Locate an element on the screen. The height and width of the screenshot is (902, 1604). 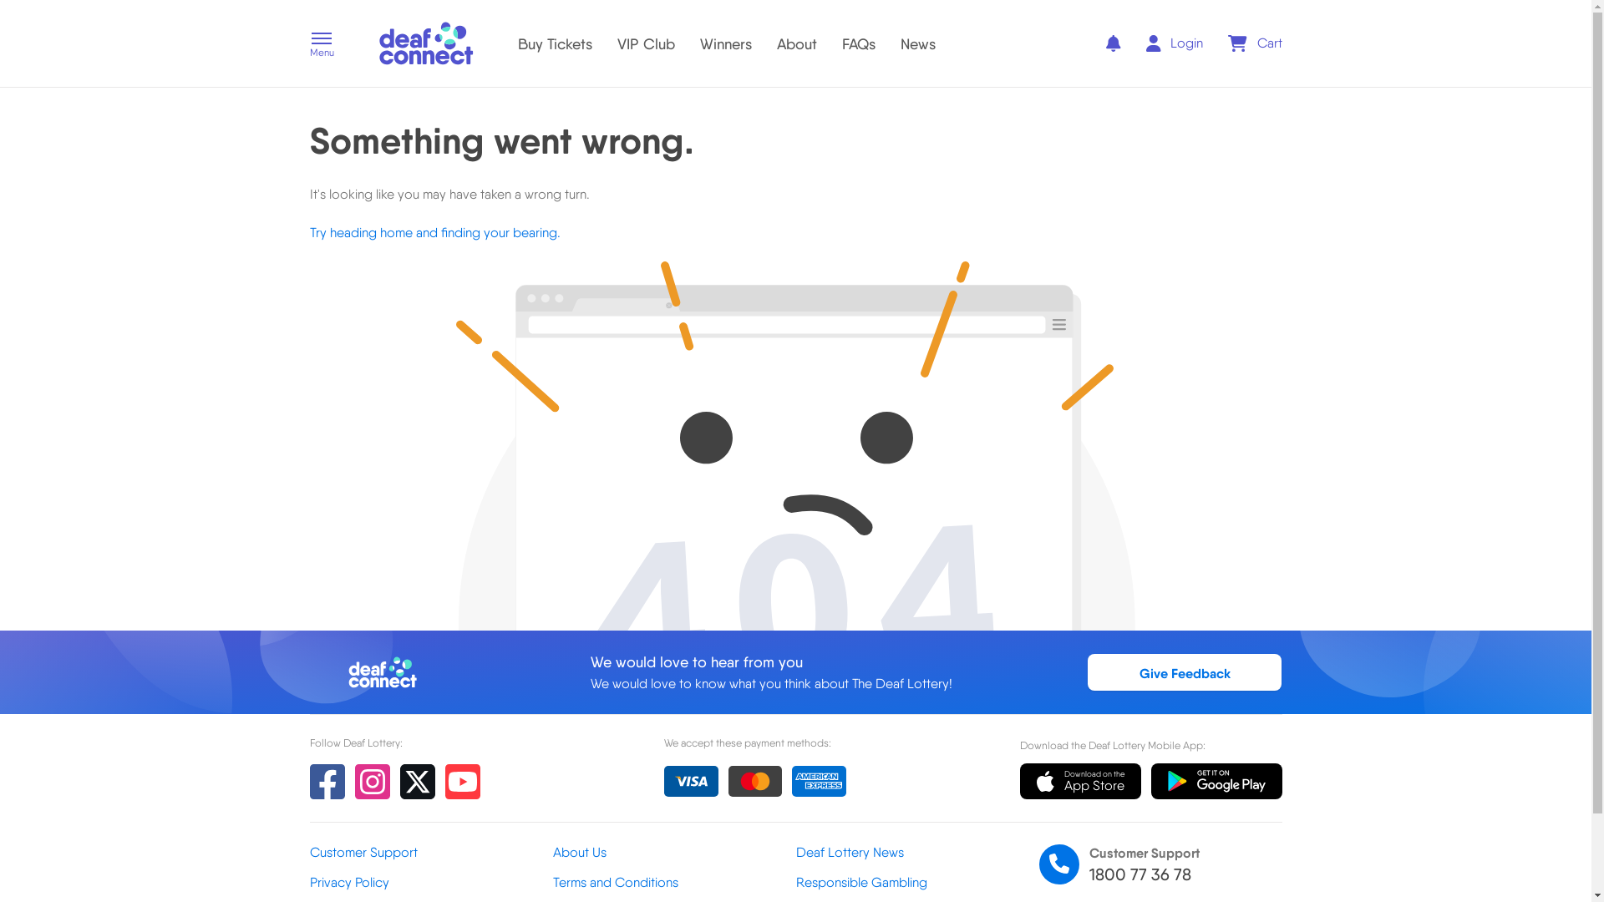
'Responsible Gambling' is located at coordinates (916, 881).